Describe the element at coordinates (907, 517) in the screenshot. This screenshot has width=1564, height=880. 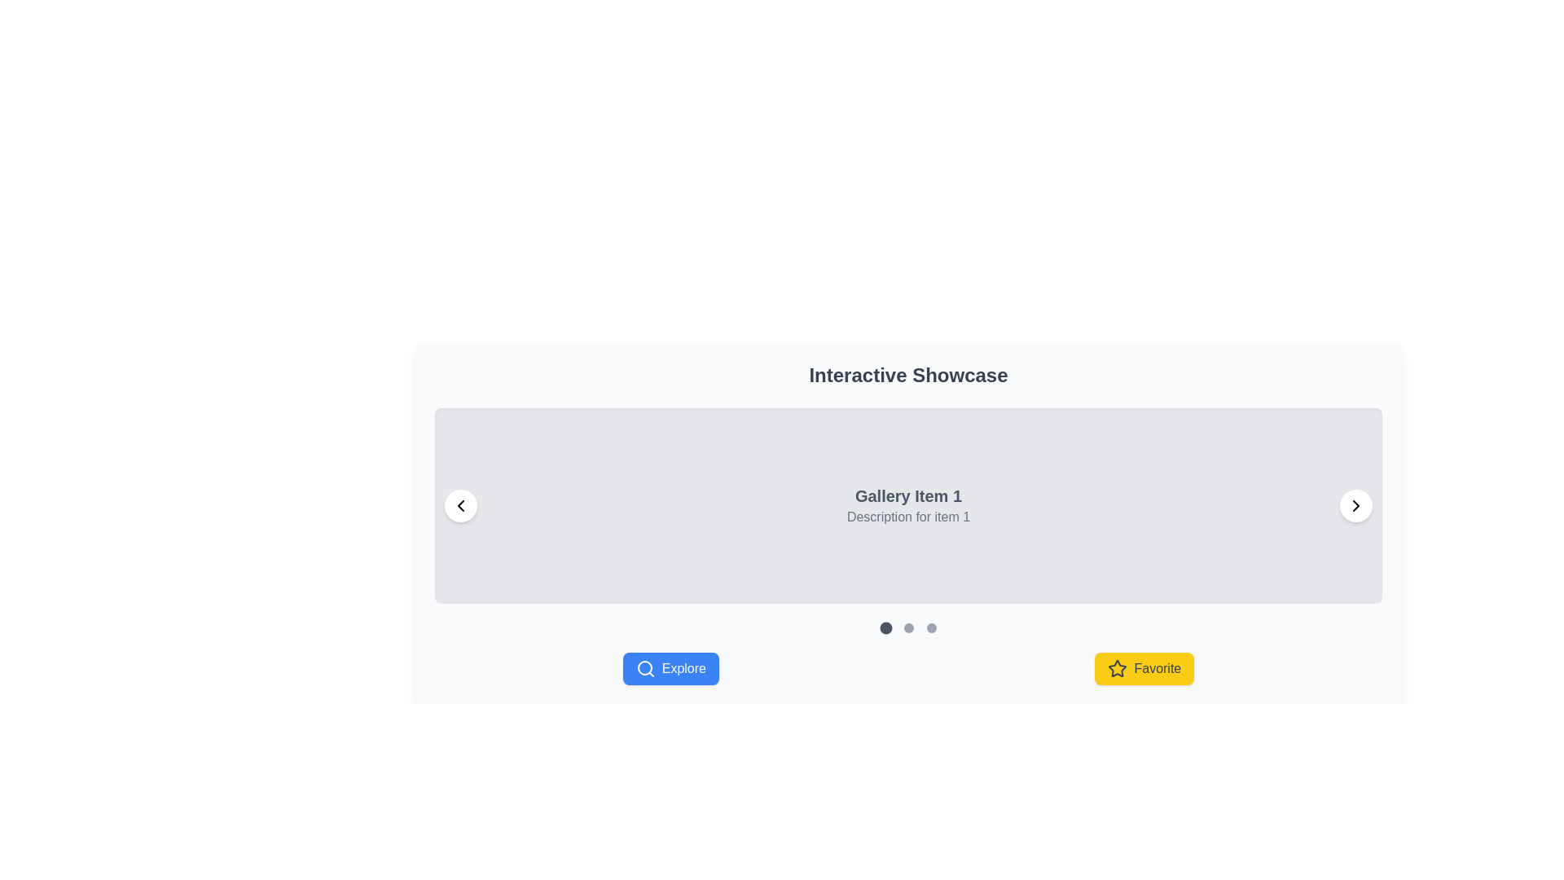
I see `the static text label reading 'Description for item 1', which is styled in light gray and positioned beneath 'Gallery Item 1' in the gallery item display` at that location.